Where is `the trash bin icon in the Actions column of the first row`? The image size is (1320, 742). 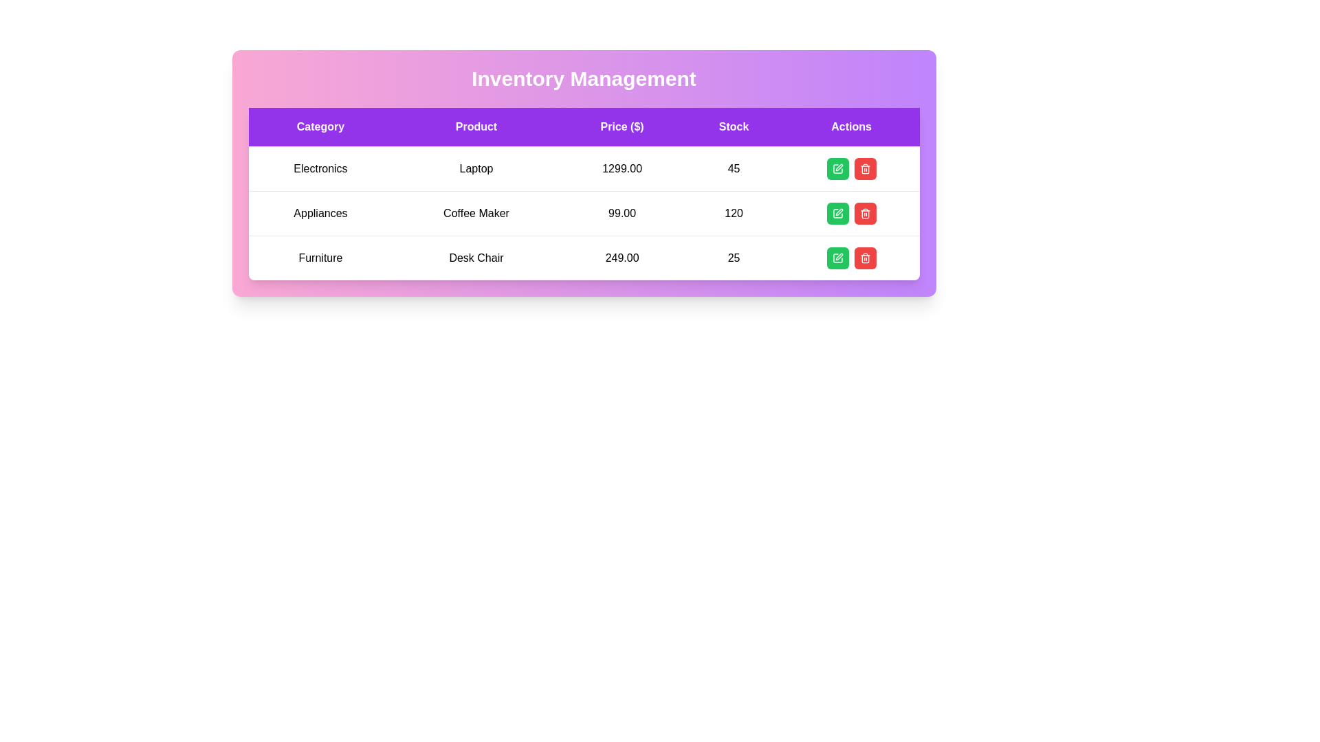 the trash bin icon in the Actions column of the first row is located at coordinates (864, 168).